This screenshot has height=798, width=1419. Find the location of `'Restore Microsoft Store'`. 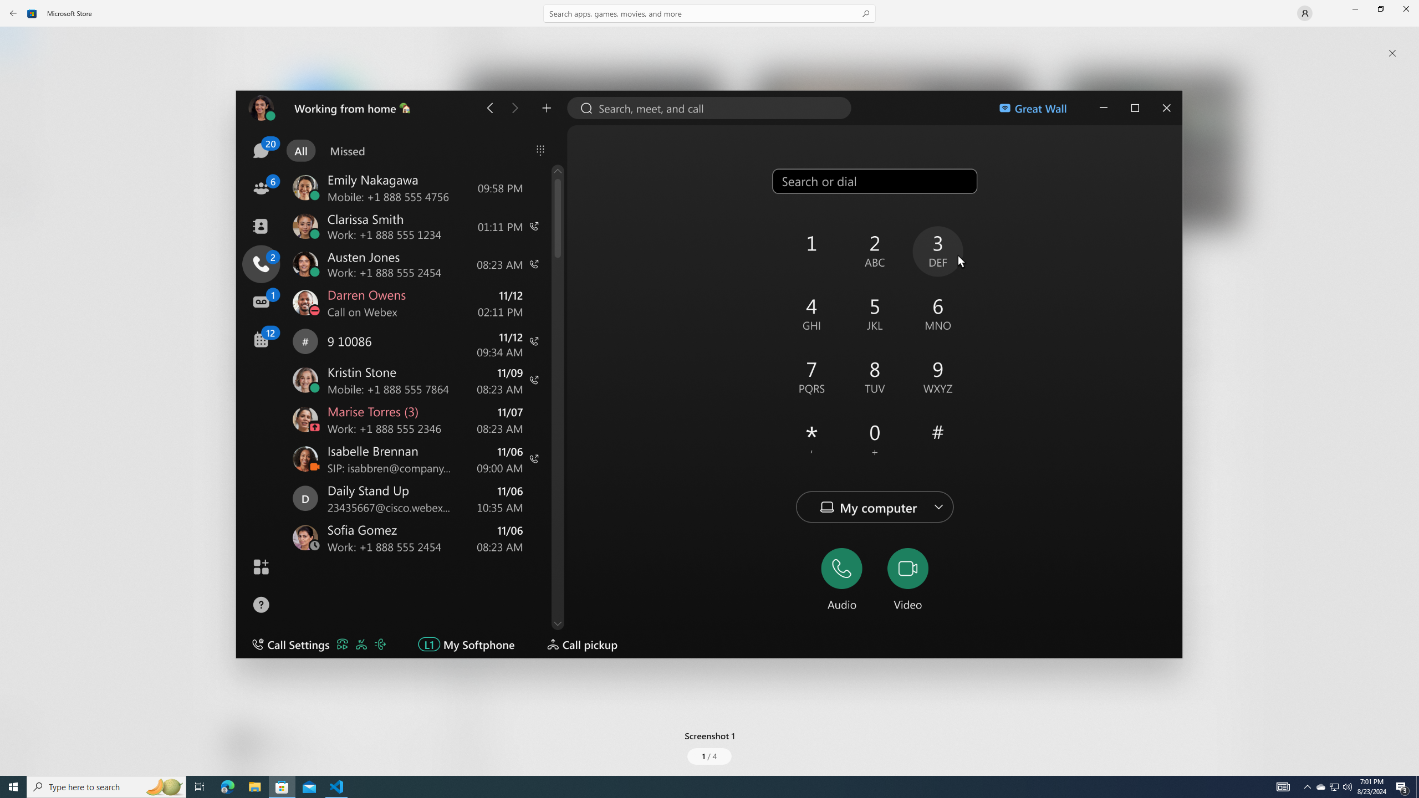

'Restore Microsoft Store' is located at coordinates (1380, 8).